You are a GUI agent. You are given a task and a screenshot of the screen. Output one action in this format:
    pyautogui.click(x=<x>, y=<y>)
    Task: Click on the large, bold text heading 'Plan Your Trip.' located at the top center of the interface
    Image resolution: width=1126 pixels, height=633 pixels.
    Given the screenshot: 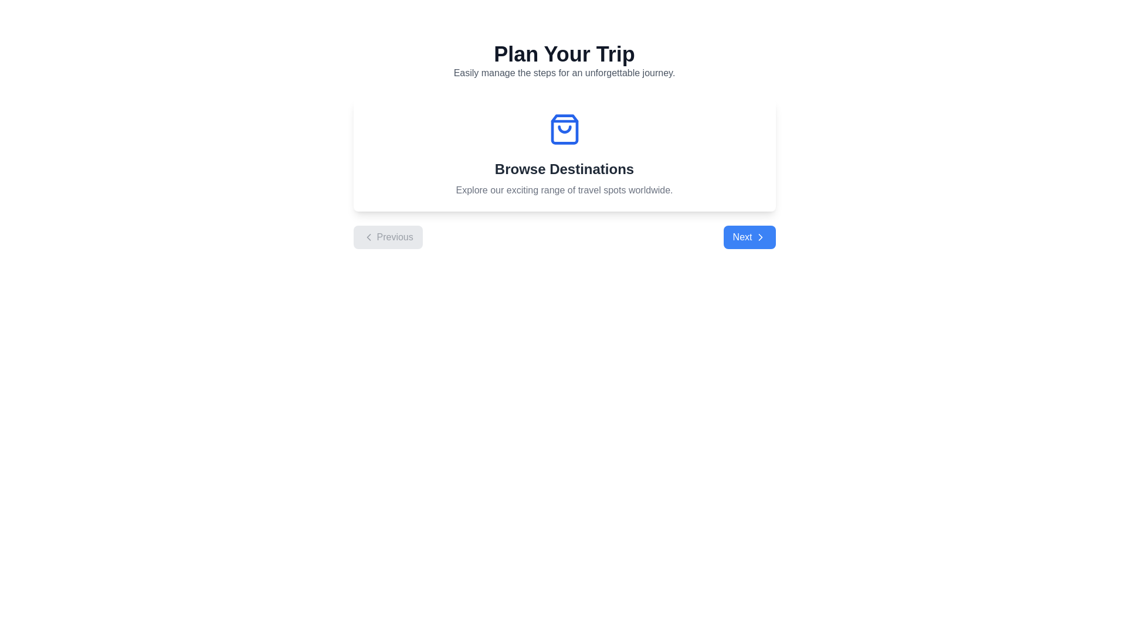 What is the action you would take?
    pyautogui.click(x=564, y=54)
    